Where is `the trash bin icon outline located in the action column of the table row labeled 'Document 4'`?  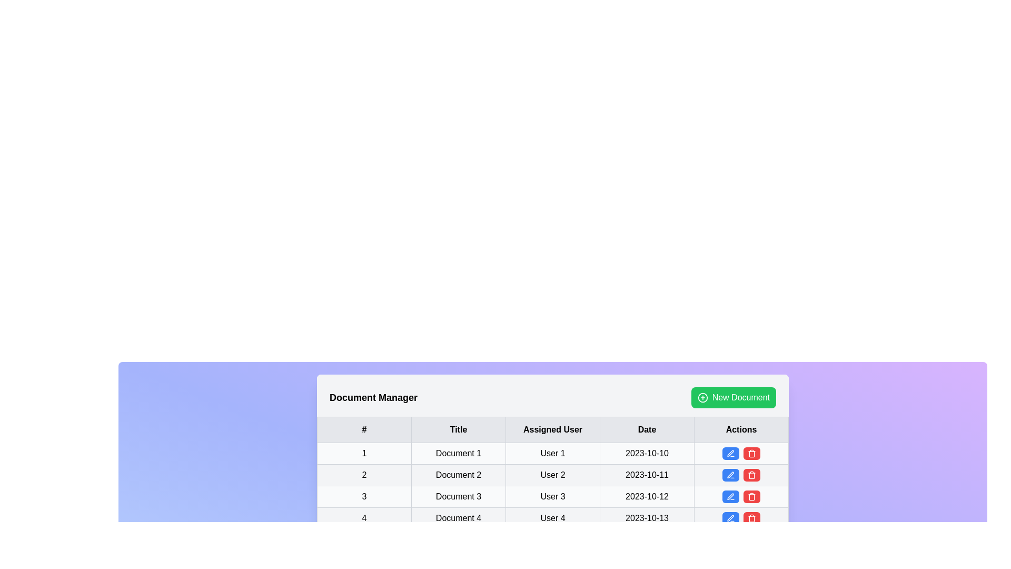 the trash bin icon outline located in the action column of the table row labeled 'Document 4' is located at coordinates (751, 518).